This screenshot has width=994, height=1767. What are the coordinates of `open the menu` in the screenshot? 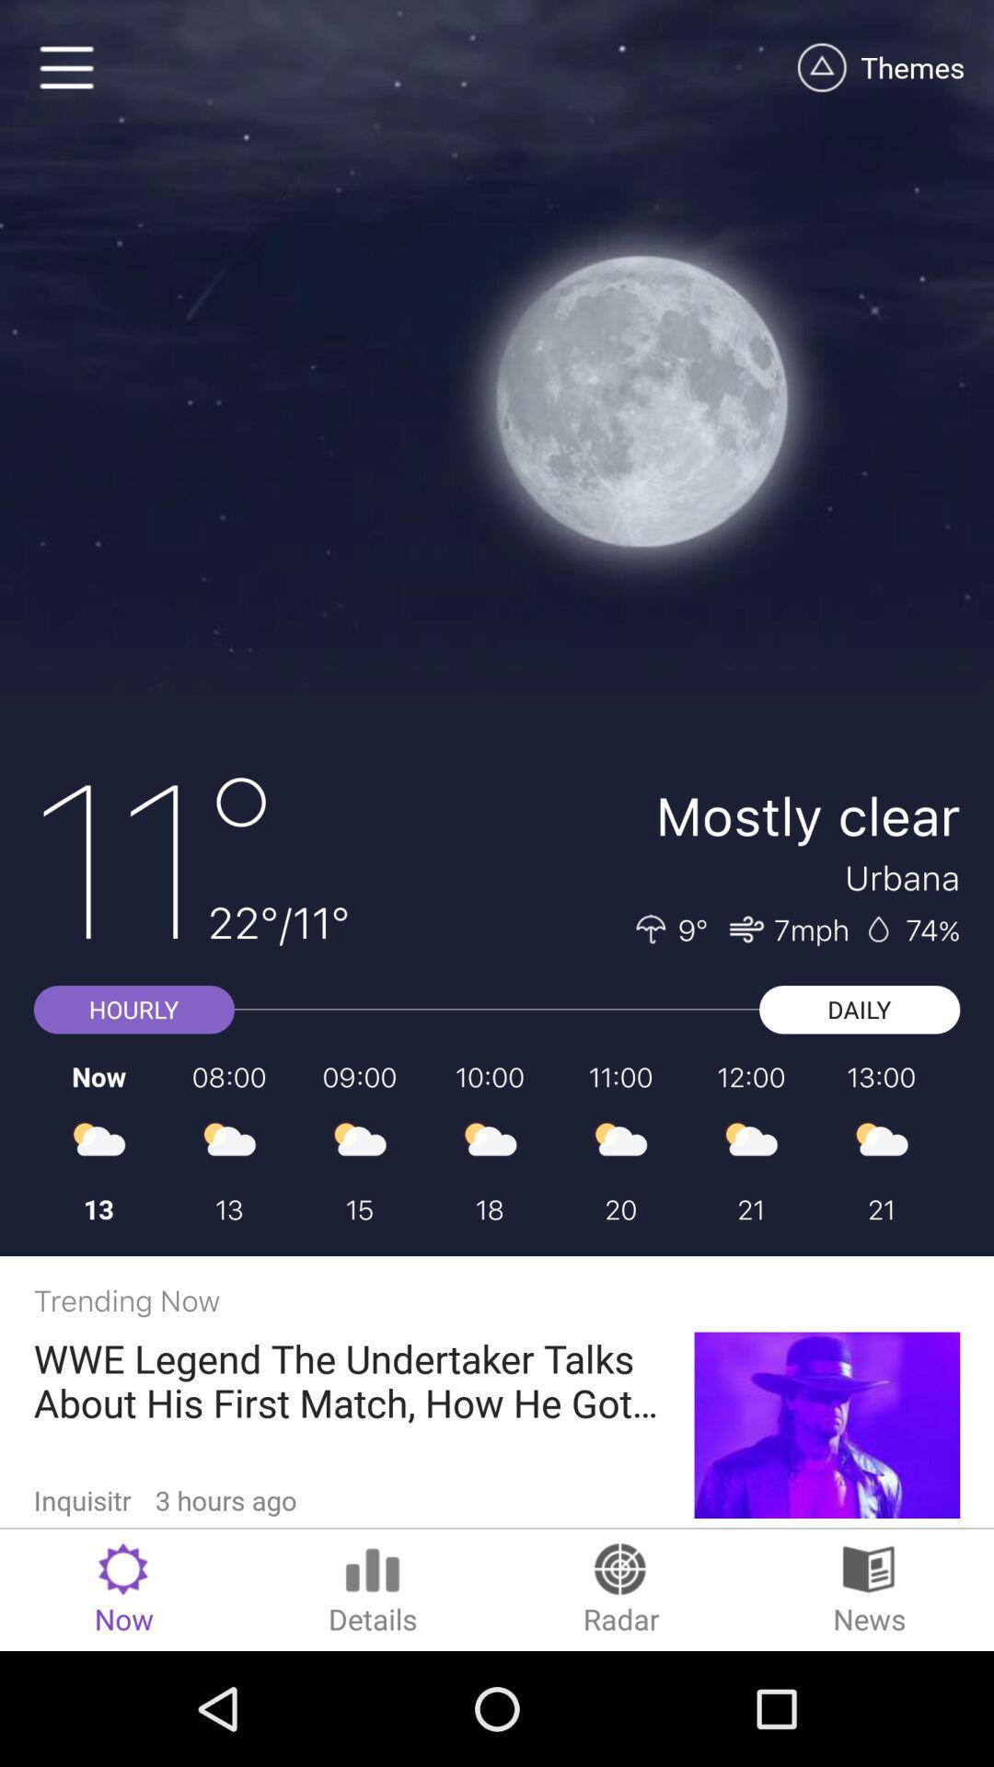 It's located at (66, 67).